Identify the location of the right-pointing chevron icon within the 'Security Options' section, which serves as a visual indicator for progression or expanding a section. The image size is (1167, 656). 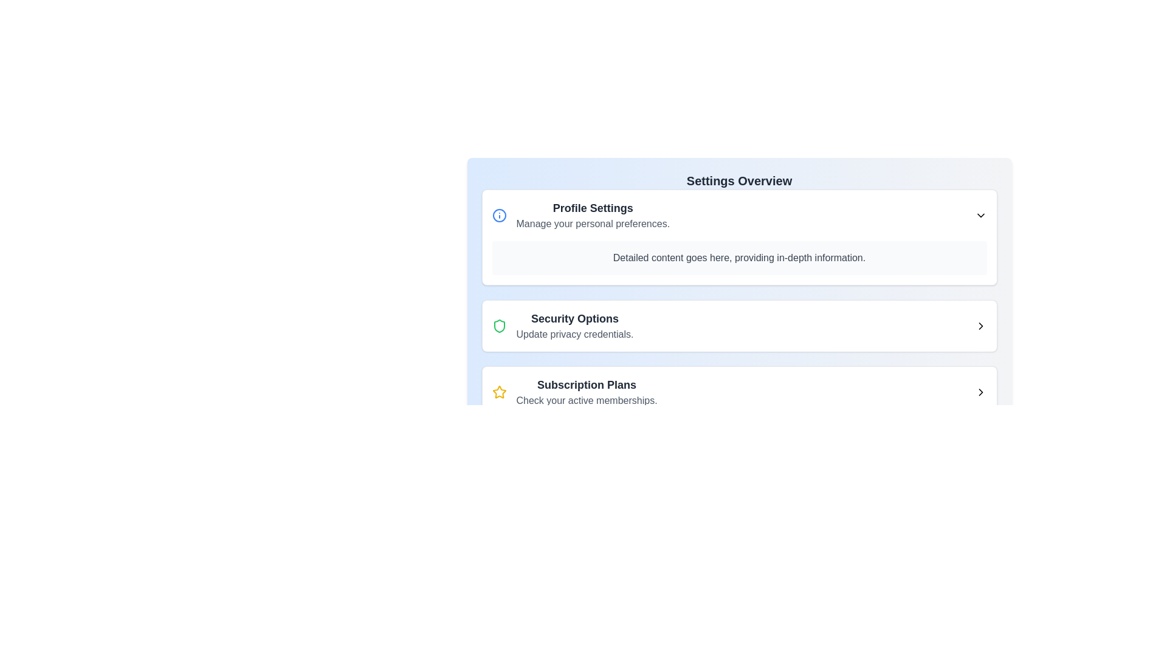
(980, 325).